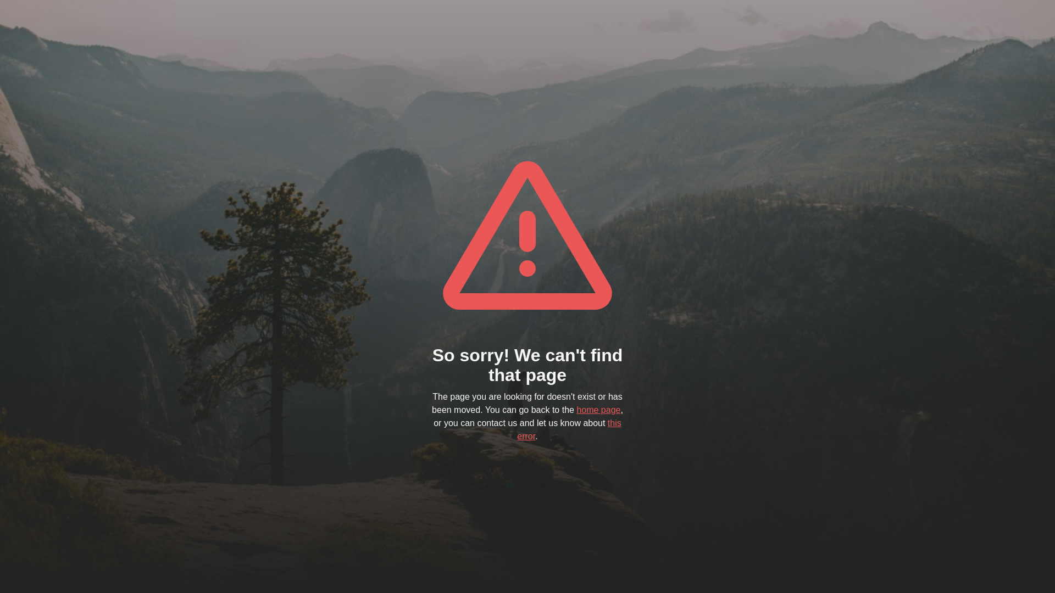 This screenshot has width=1055, height=593. What do you see at coordinates (569, 429) in the screenshot?
I see `'this error'` at bounding box center [569, 429].